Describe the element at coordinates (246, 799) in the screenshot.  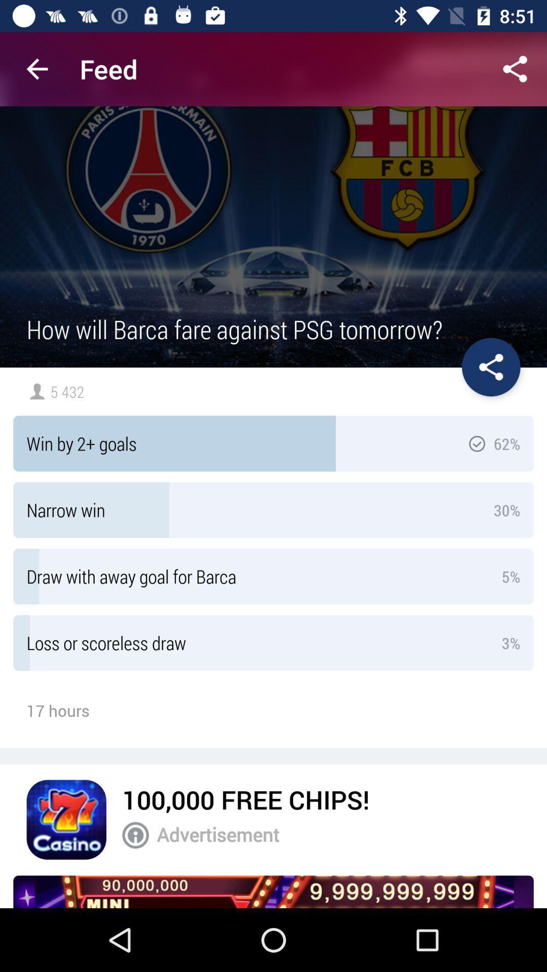
I see `the icon below loss or scoreless item` at that location.